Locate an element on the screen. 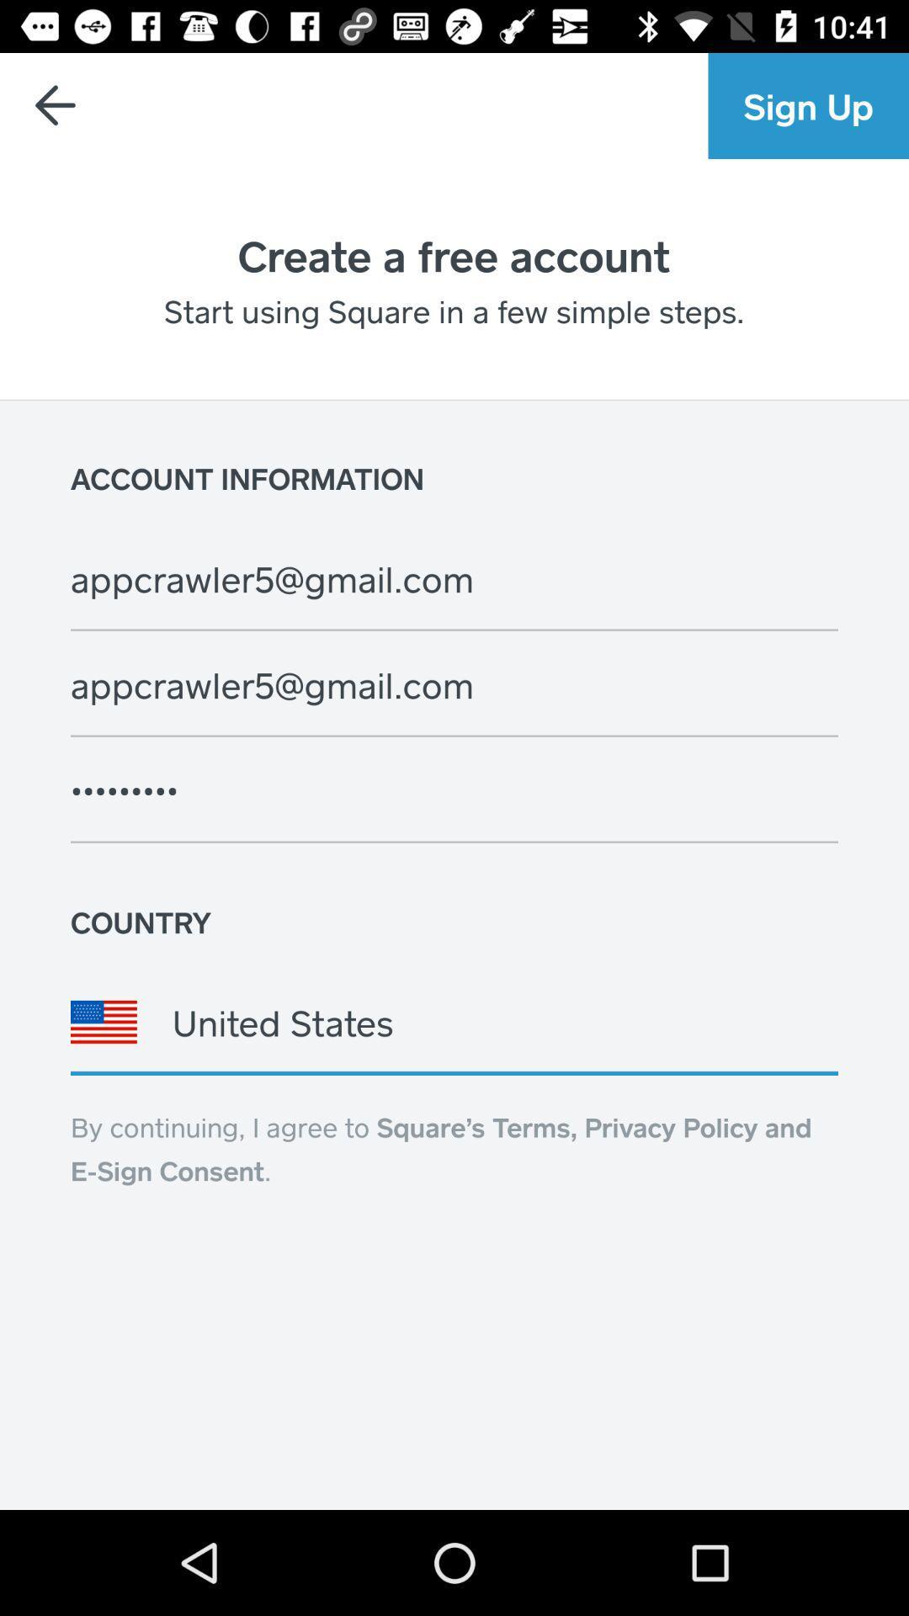  crowd3116 item is located at coordinates (454, 789).